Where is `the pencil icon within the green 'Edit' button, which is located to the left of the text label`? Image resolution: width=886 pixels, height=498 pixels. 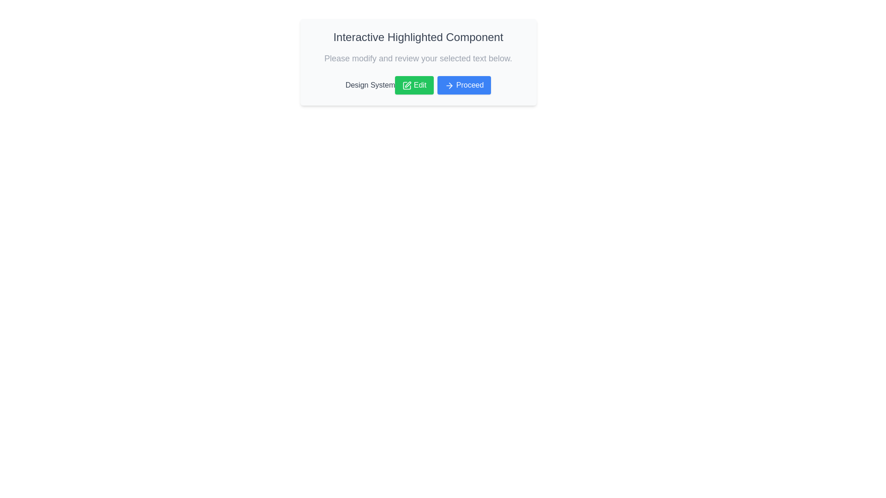
the pencil icon within the green 'Edit' button, which is located to the left of the text label is located at coordinates (407, 85).